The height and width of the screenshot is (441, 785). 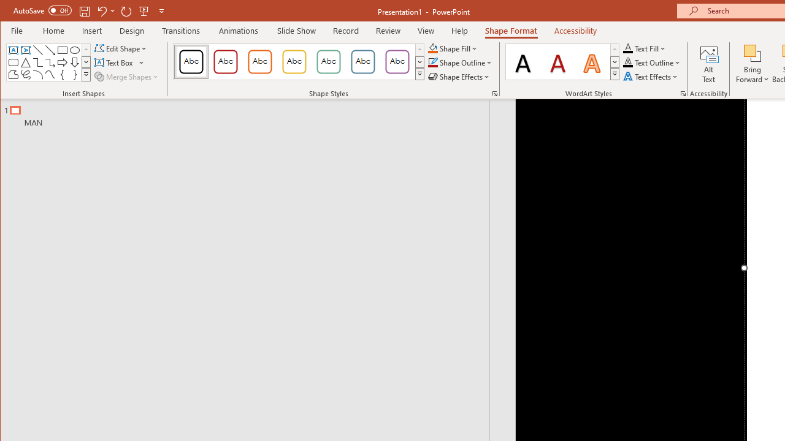 What do you see at coordinates (651, 62) in the screenshot?
I see `'Text Outline'` at bounding box center [651, 62].